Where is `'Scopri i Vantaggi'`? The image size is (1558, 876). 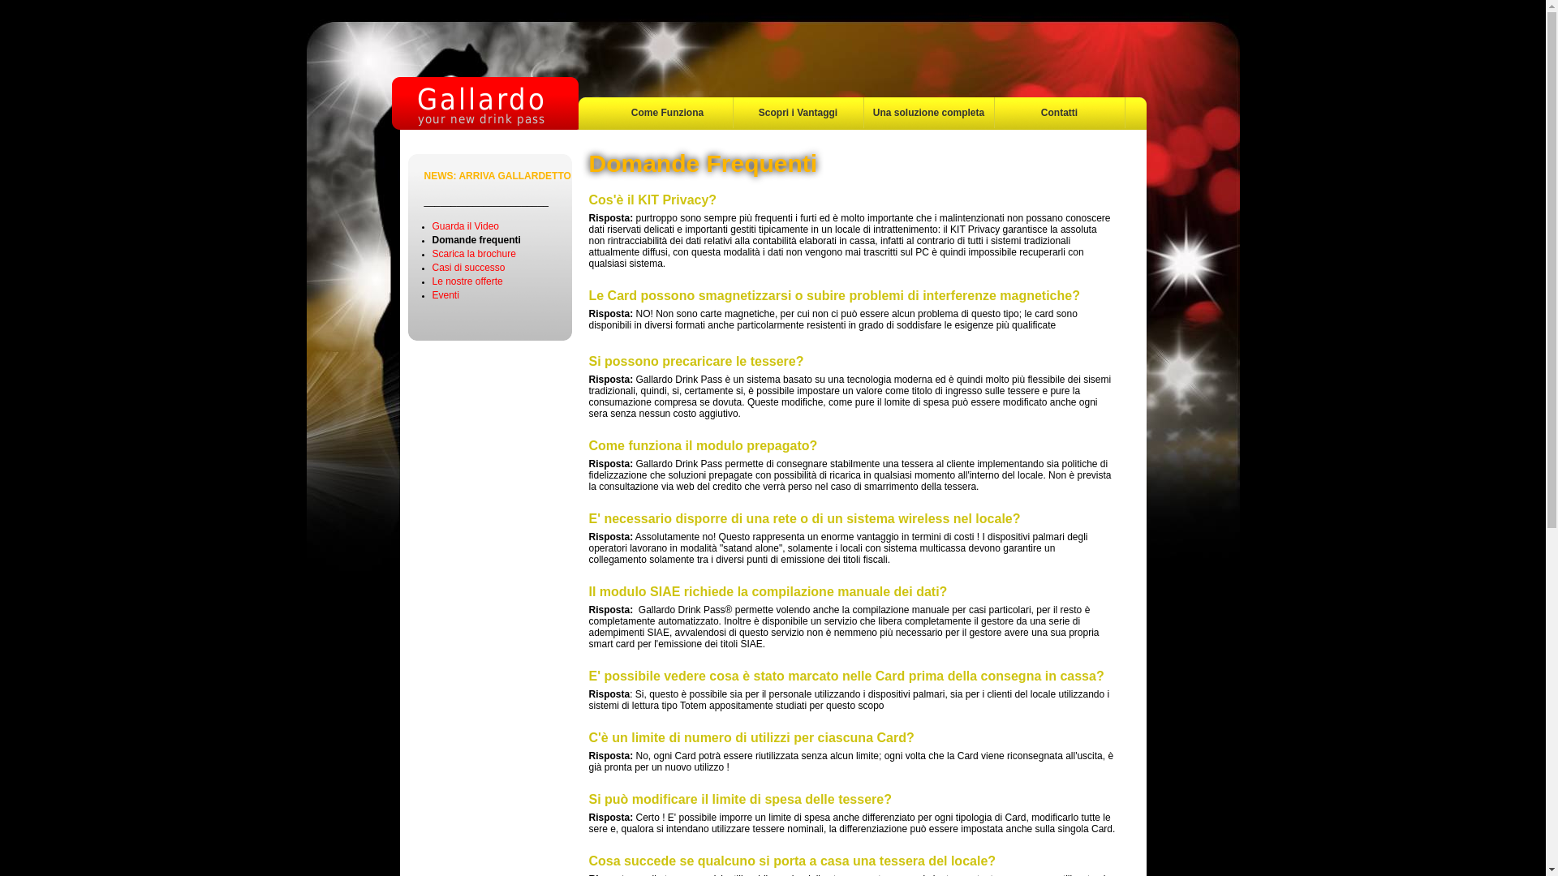
'Scopri i Vantaggi' is located at coordinates (798, 110).